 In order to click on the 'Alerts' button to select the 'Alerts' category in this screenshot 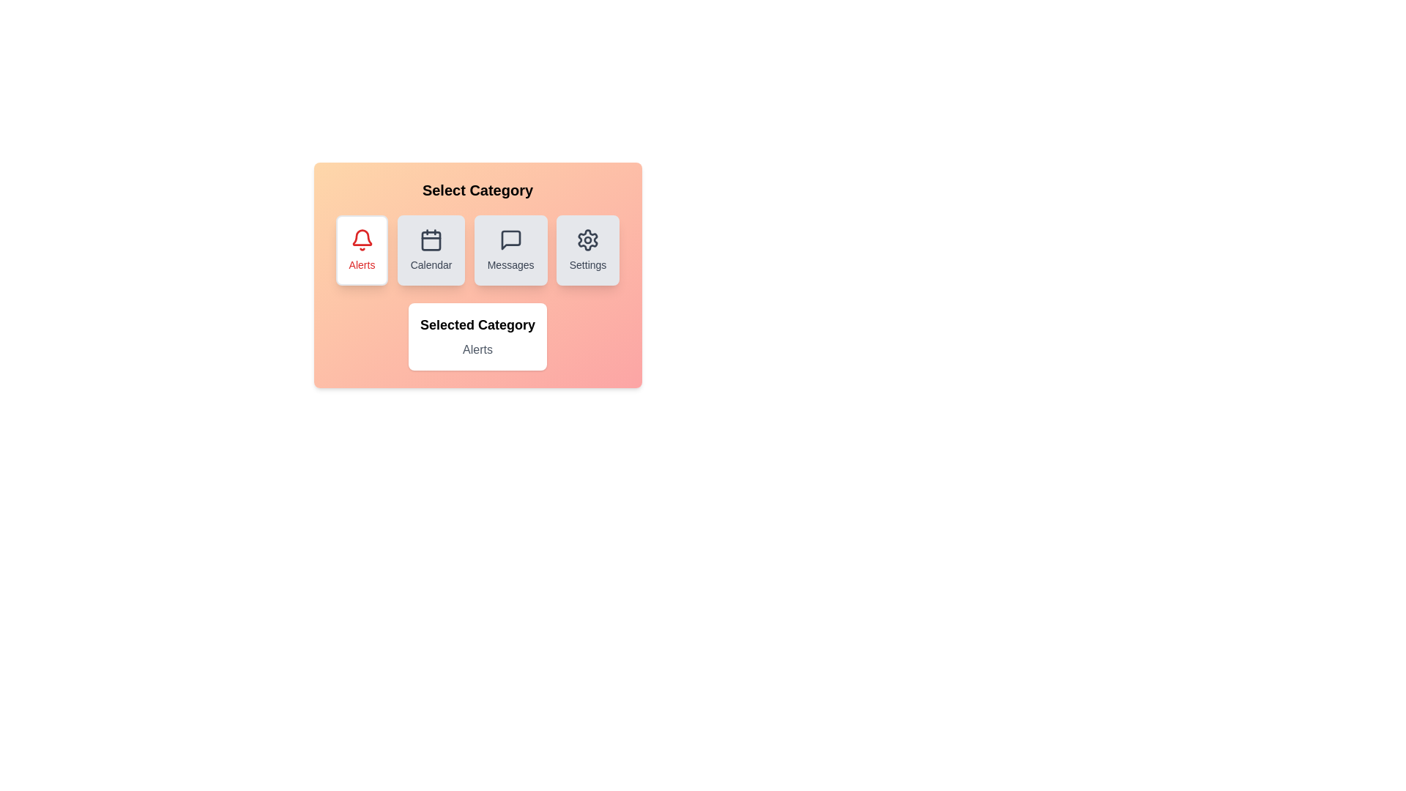, I will do `click(362, 250)`.